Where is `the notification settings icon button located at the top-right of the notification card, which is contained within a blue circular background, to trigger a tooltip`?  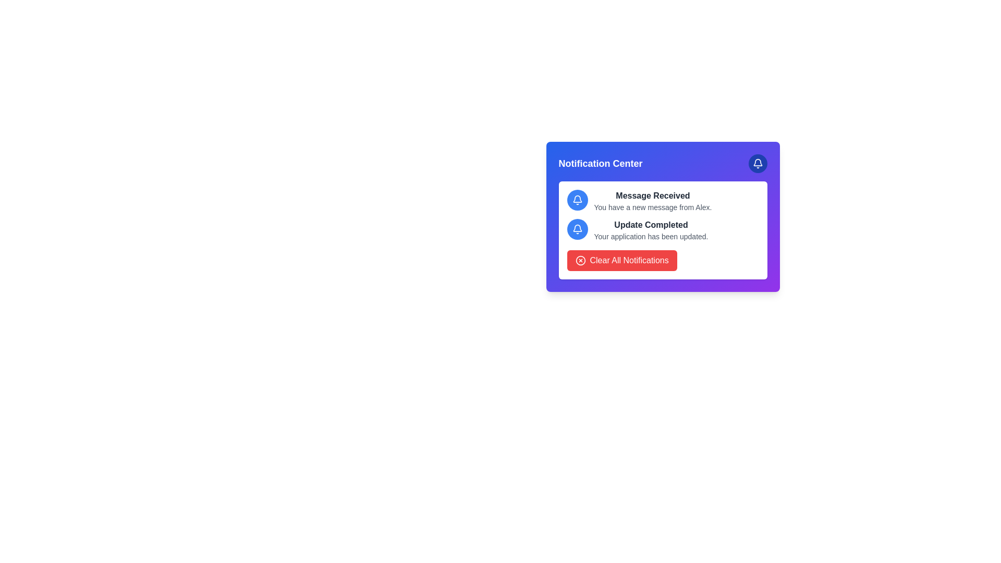 the notification settings icon button located at the top-right of the notification card, which is contained within a blue circular background, to trigger a tooltip is located at coordinates (758, 163).